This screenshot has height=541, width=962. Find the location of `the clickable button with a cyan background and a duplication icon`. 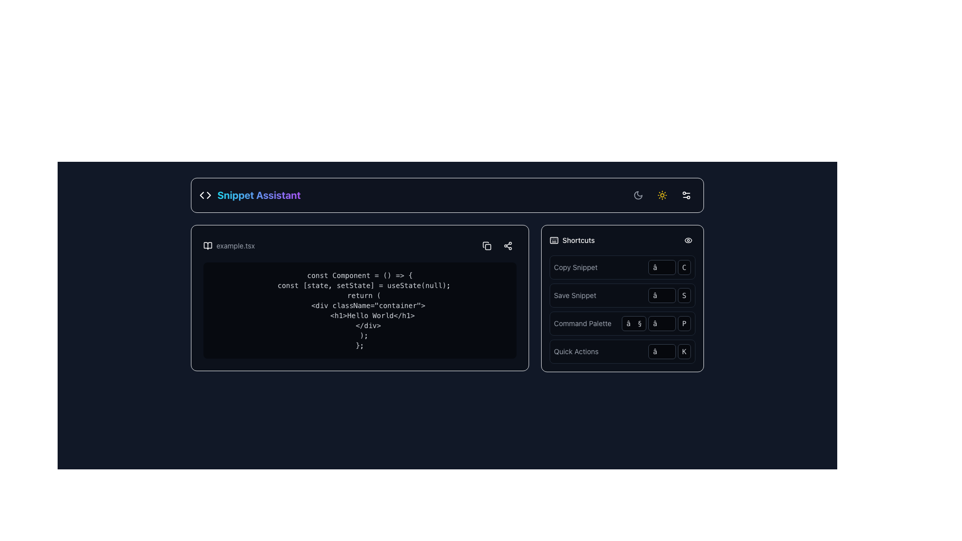

the clickable button with a cyan background and a duplication icon is located at coordinates (487, 245).